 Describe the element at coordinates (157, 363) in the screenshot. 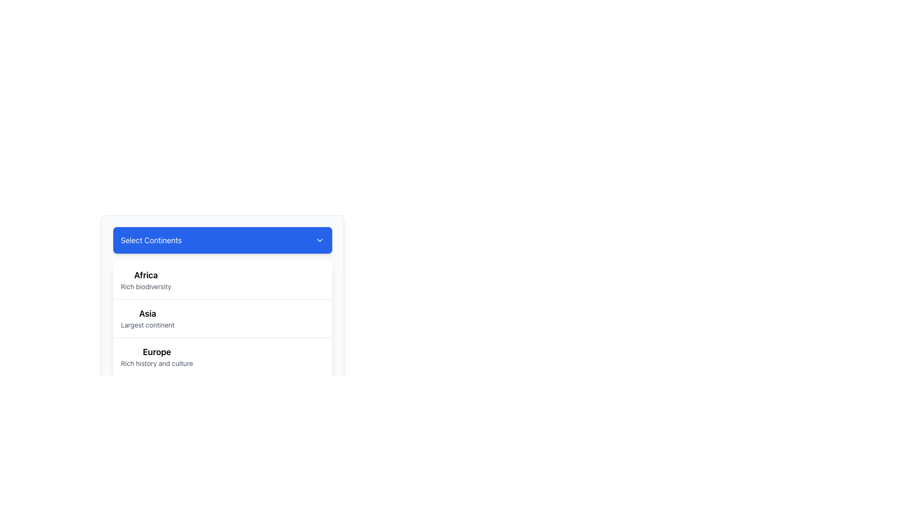

I see `the text label reading 'Rich history and culture' located directly underneath the title 'Europe' in the dropdown menu by reading its description` at that location.